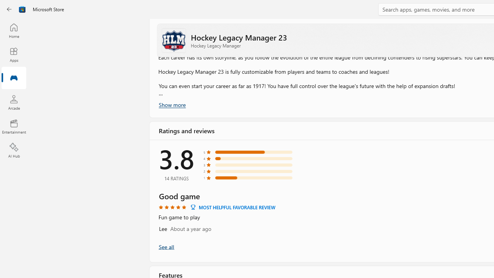 The image size is (494, 278). I want to click on 'Back', so click(9, 9).